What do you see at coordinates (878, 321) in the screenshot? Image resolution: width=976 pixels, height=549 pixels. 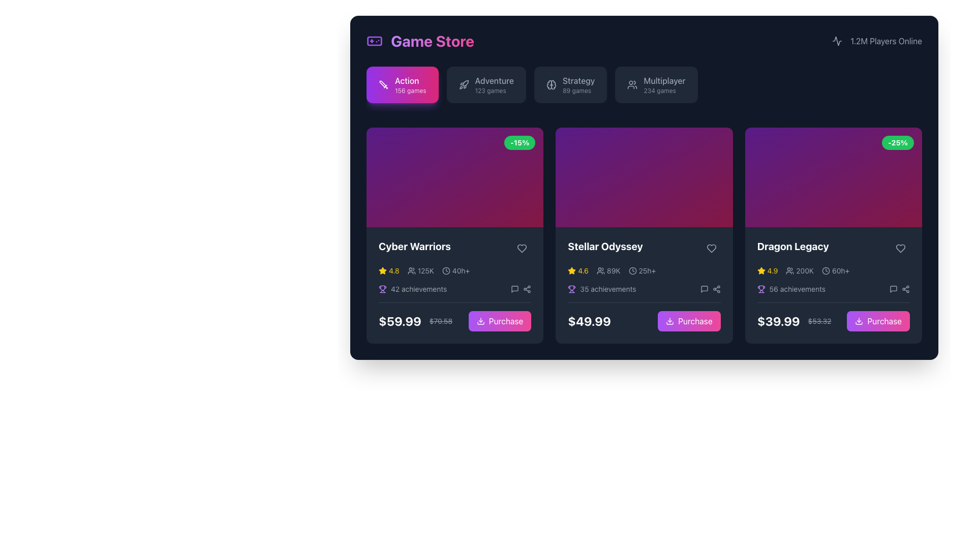 I see `the 'Purchase' button with a gradient background transitioning from purple to pink, located at the bottom-right corner of the 'Dragon Legacy' game card` at bounding box center [878, 321].